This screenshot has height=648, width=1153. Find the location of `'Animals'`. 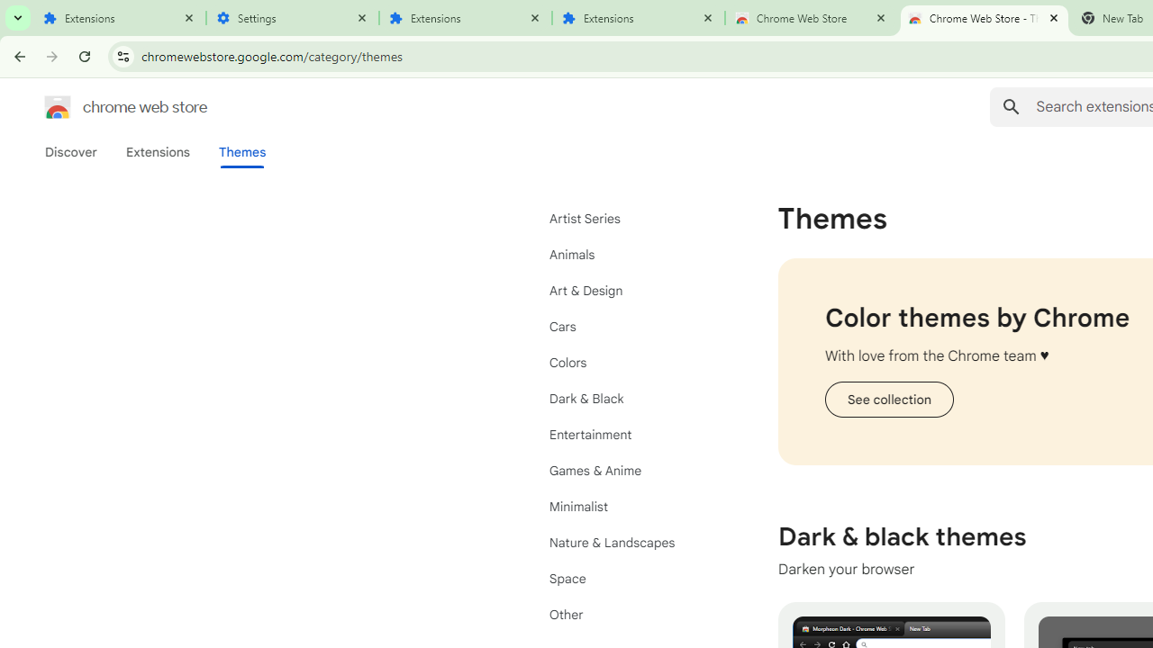

'Animals' is located at coordinates (631, 254).